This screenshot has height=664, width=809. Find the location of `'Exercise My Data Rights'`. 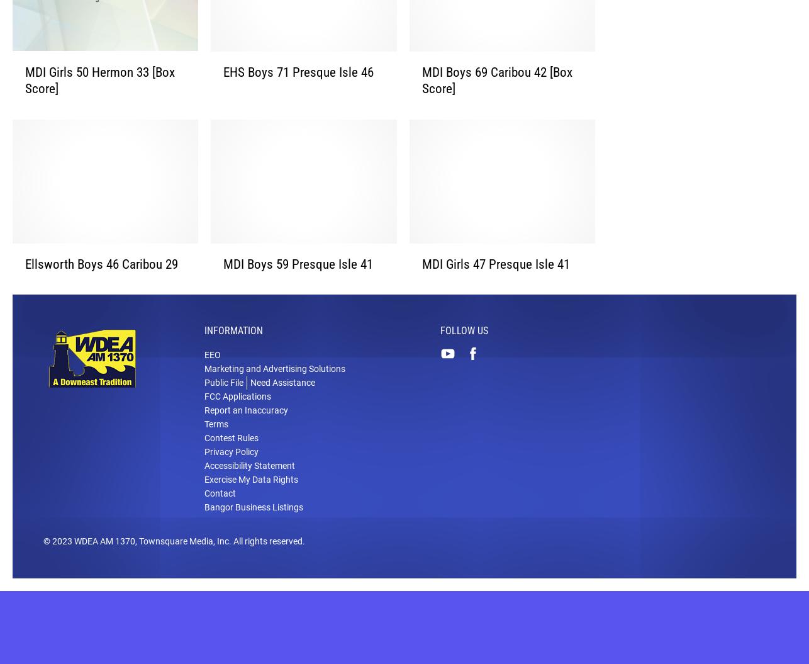

'Exercise My Data Rights' is located at coordinates (250, 498).